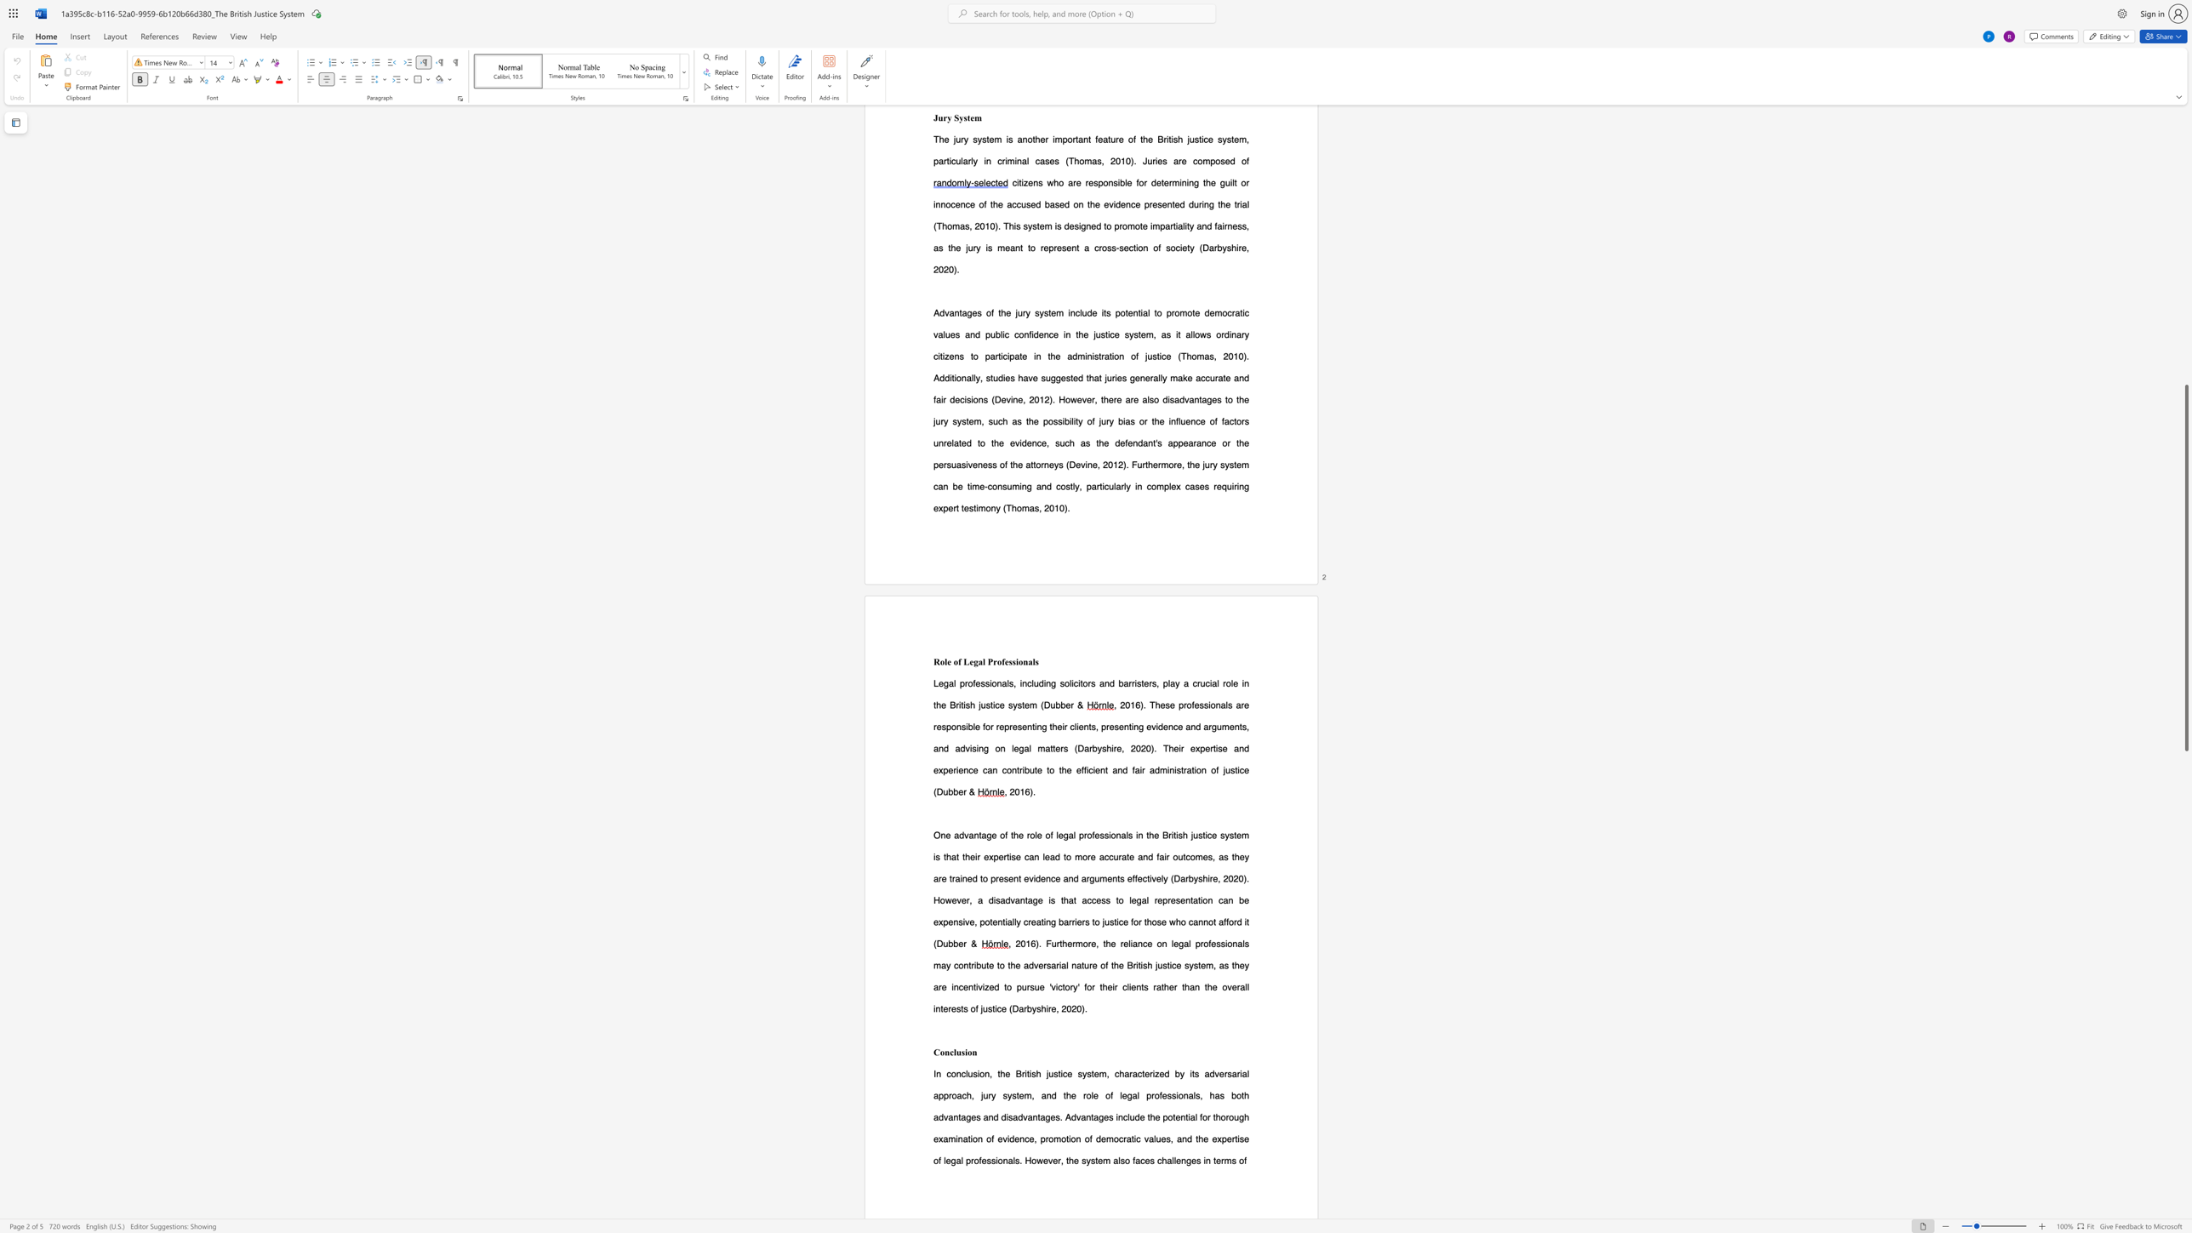  Describe the element at coordinates (1128, 835) in the screenshot. I see `the subset text "s in the British justice system is that th" within the text "One advantage of the role of legal professionals in the British justice system is that their"` at that location.